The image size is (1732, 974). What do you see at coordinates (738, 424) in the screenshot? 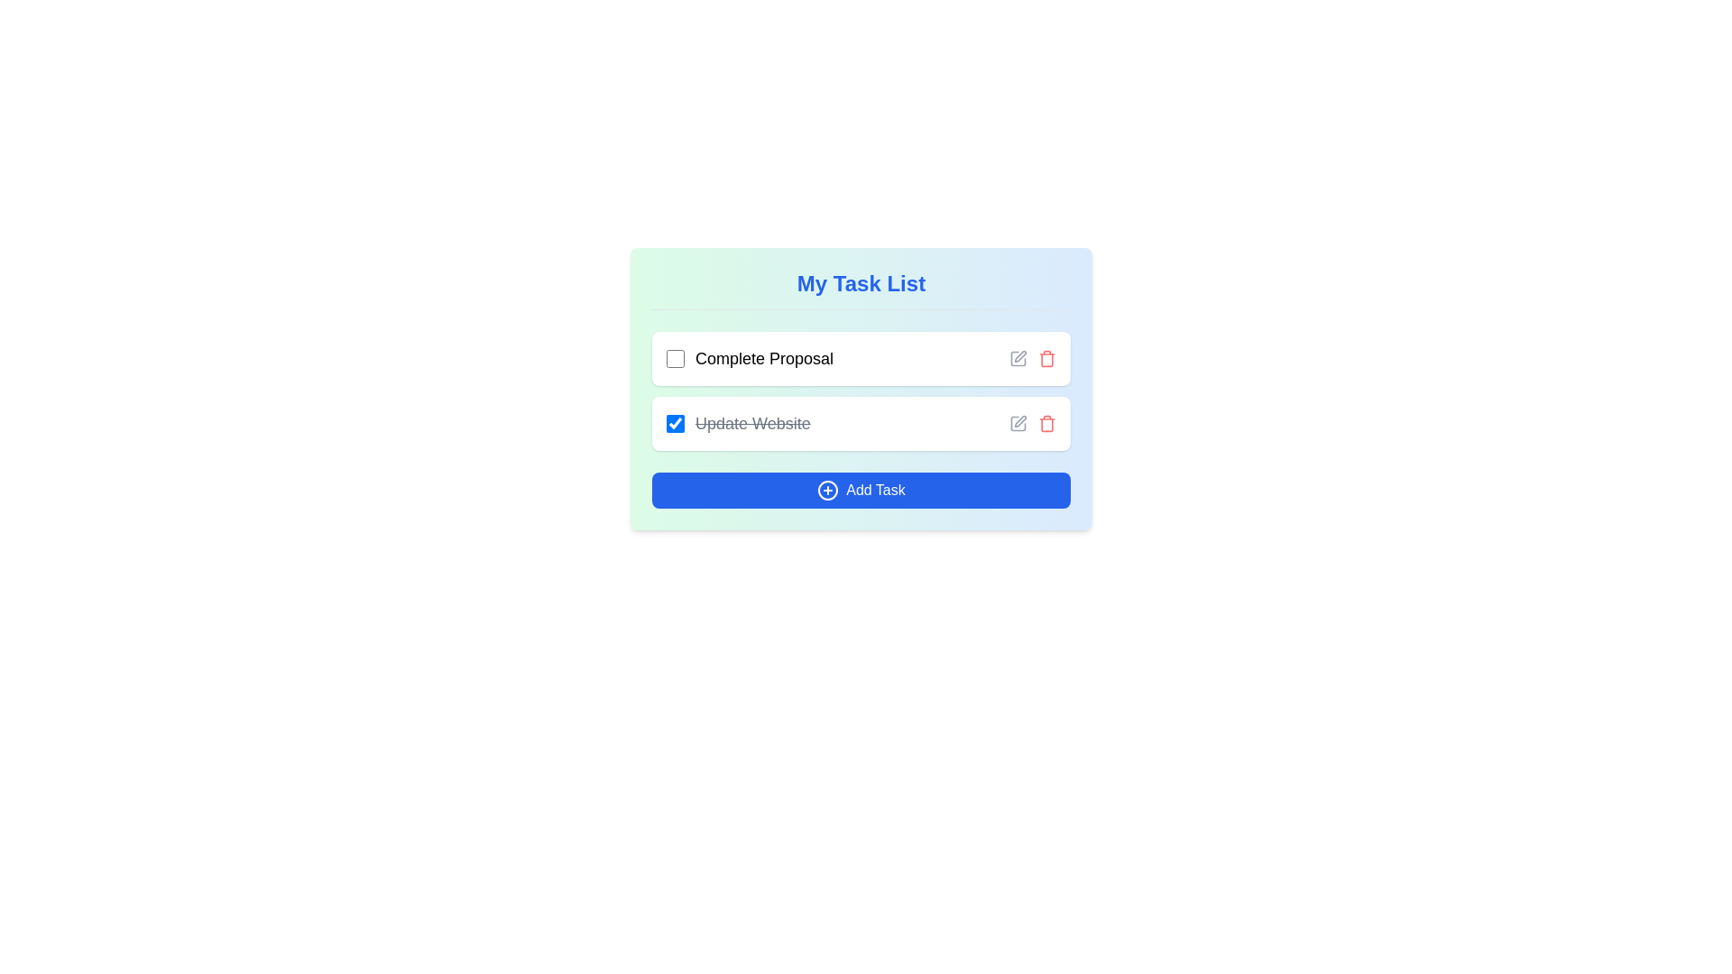
I see `the text label of the second task entry in 'My Task List' to possibly reveal additional options` at bounding box center [738, 424].